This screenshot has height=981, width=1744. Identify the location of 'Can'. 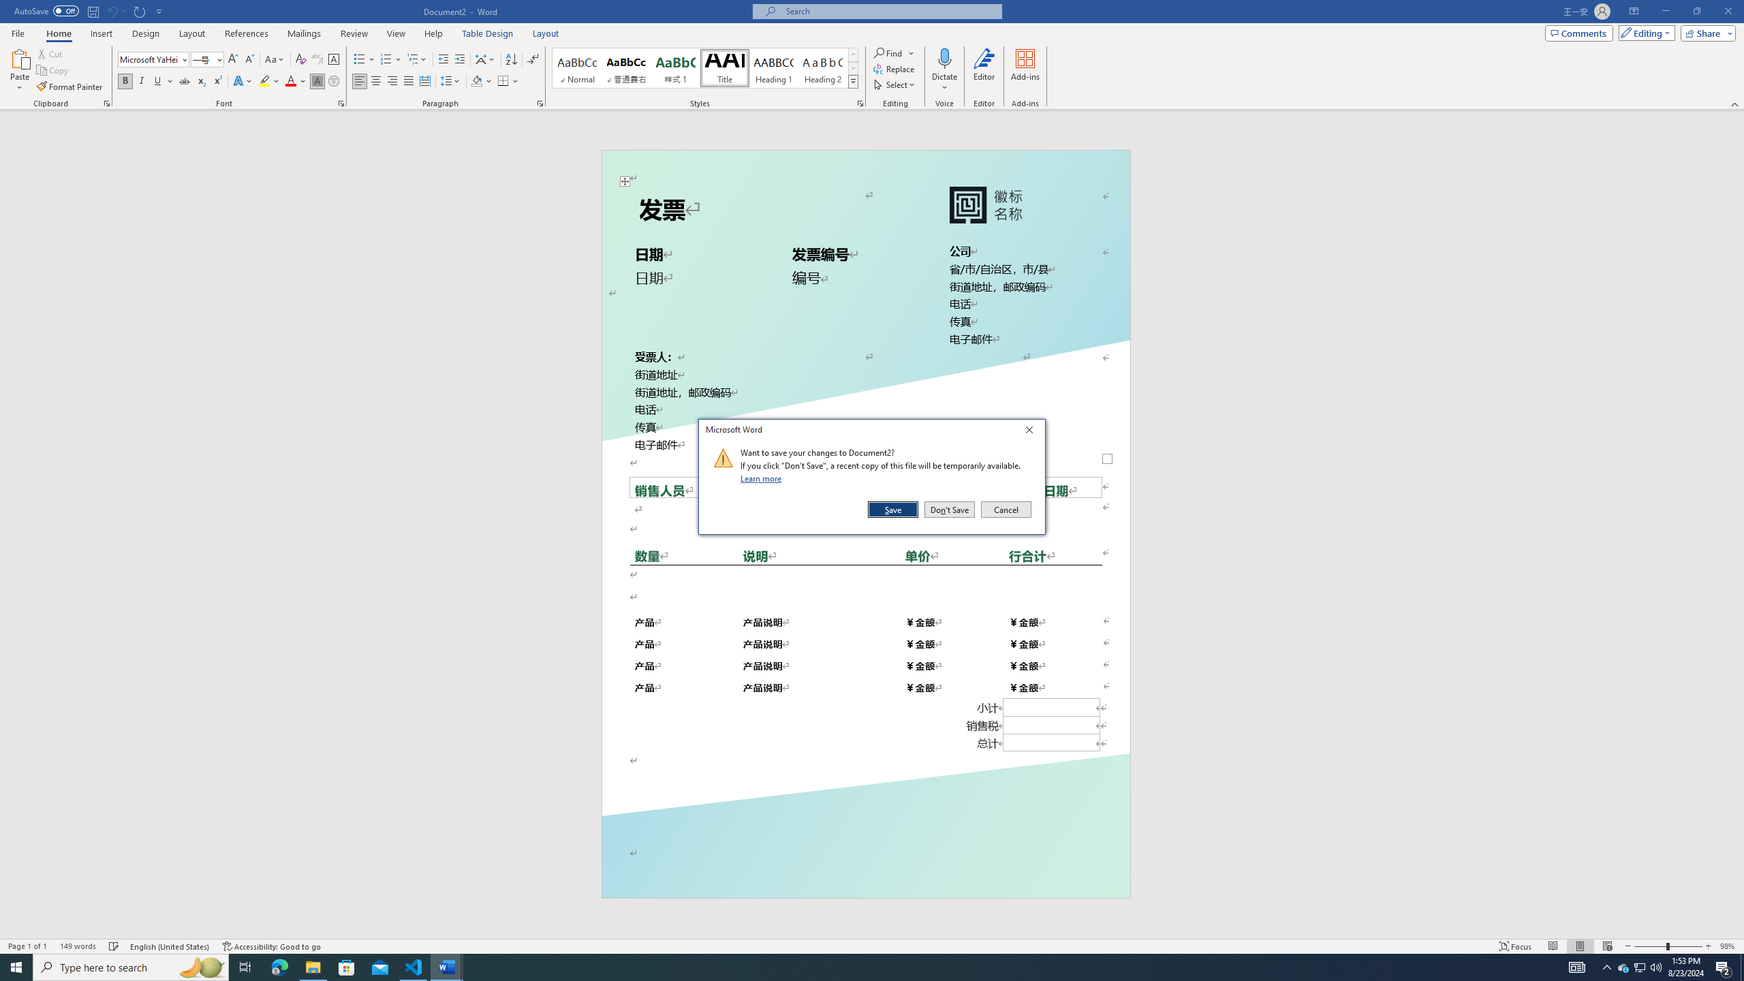
(111, 10).